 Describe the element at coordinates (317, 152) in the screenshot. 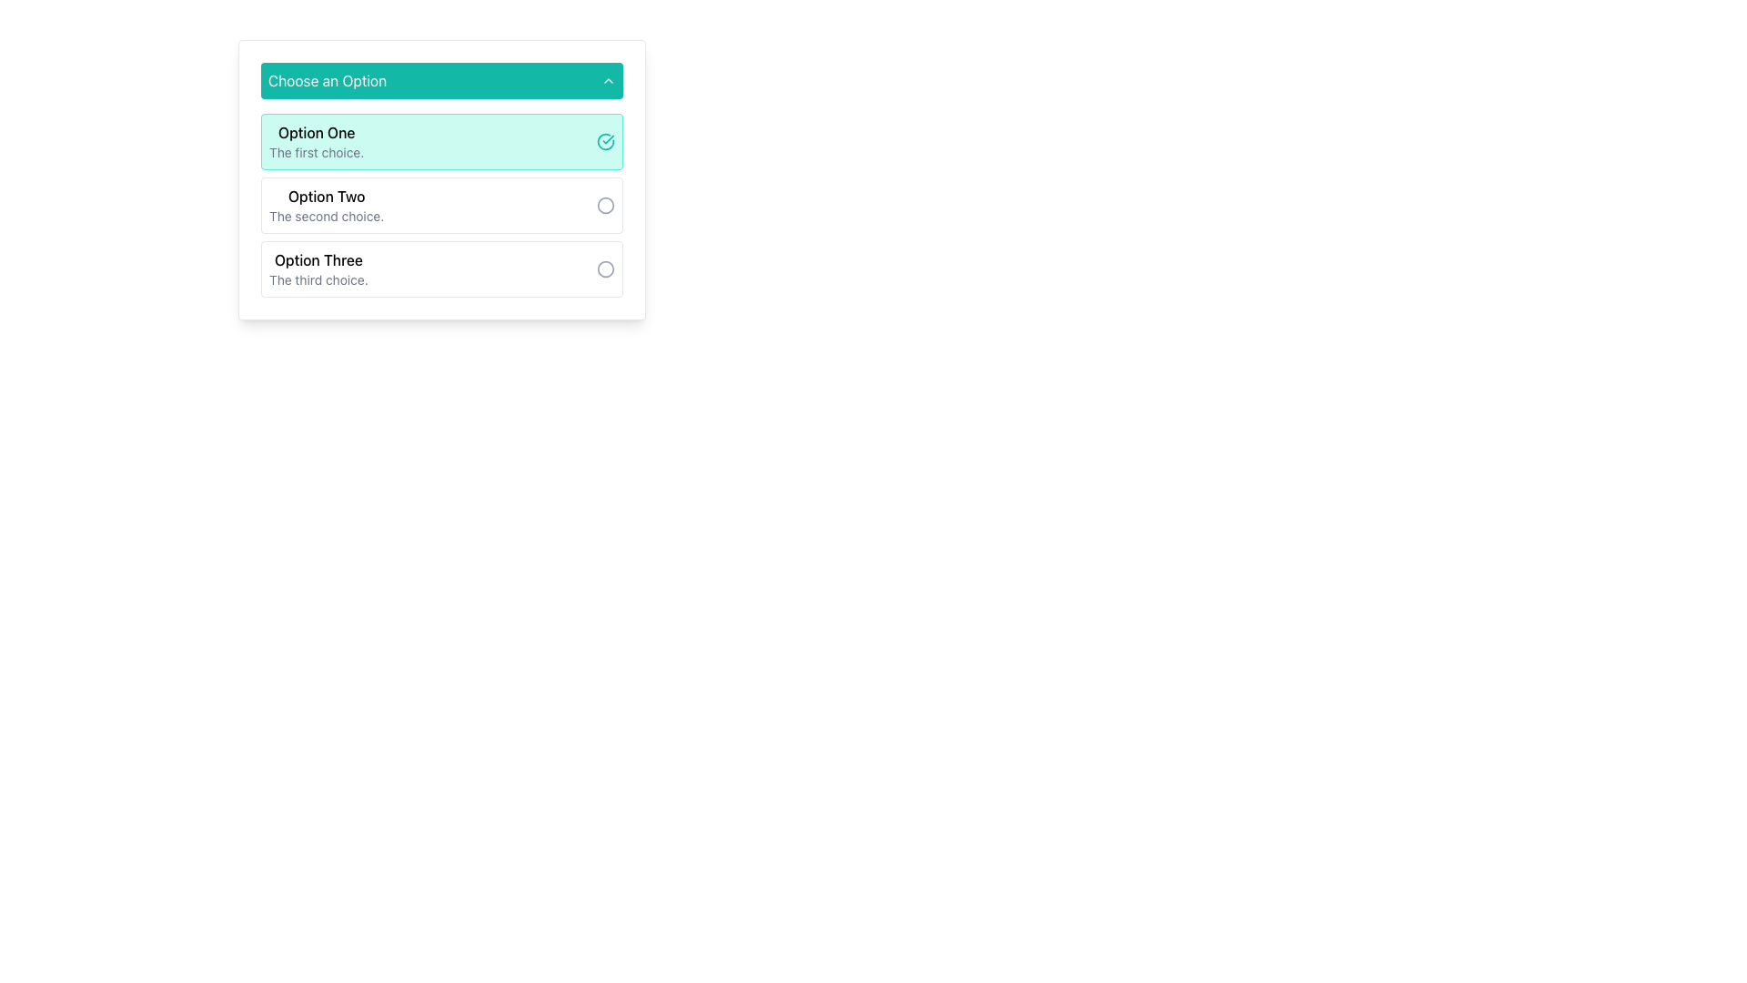

I see `text label that reads 'The first choice.' located beneath 'Option One' in a selectable card structure` at that location.